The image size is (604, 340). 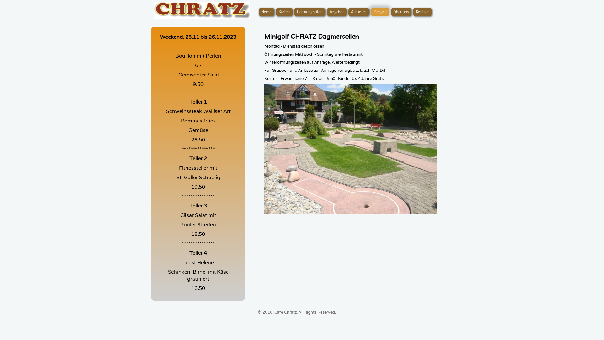 I want to click on 'Angebot', so click(x=336, y=12).